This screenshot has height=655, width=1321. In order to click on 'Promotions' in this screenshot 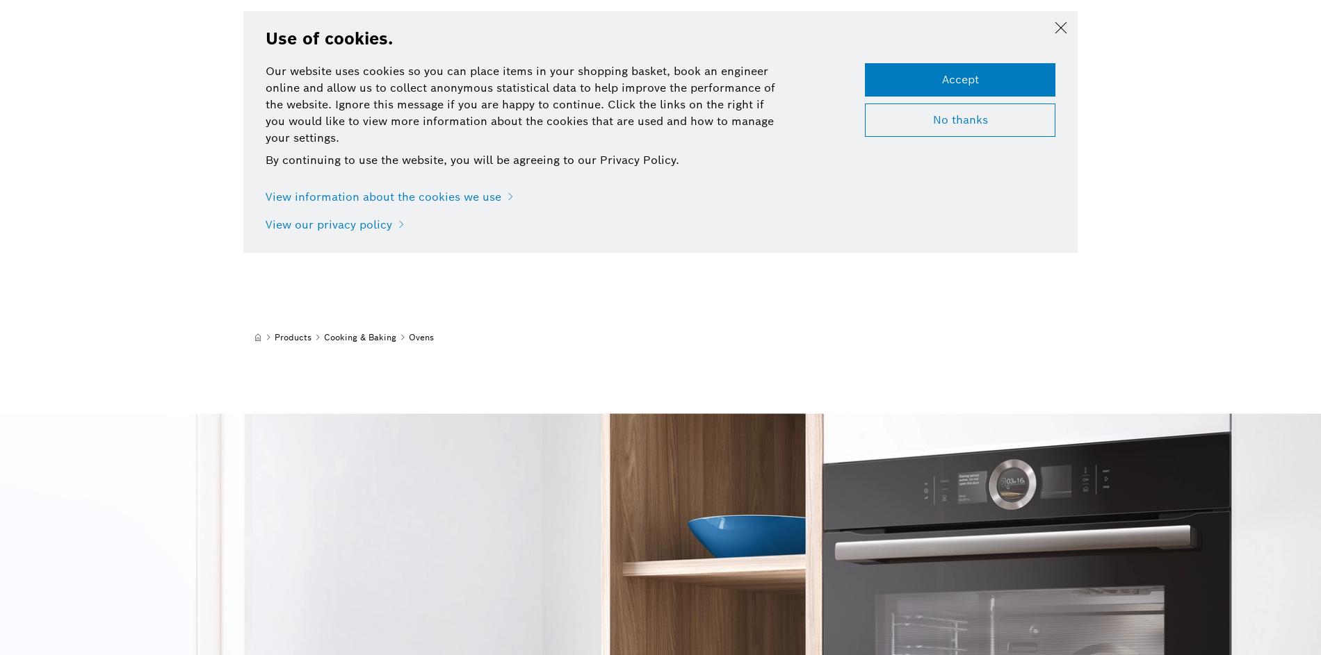, I will do `click(599, 30)`.